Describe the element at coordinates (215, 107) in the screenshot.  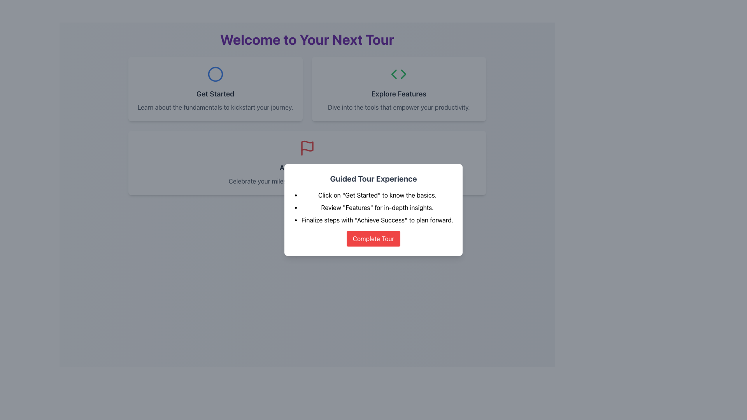
I see `the static text subtitle located beneath the 'Get Started' title within a styled card with rounded corners and a shadow effect` at that location.